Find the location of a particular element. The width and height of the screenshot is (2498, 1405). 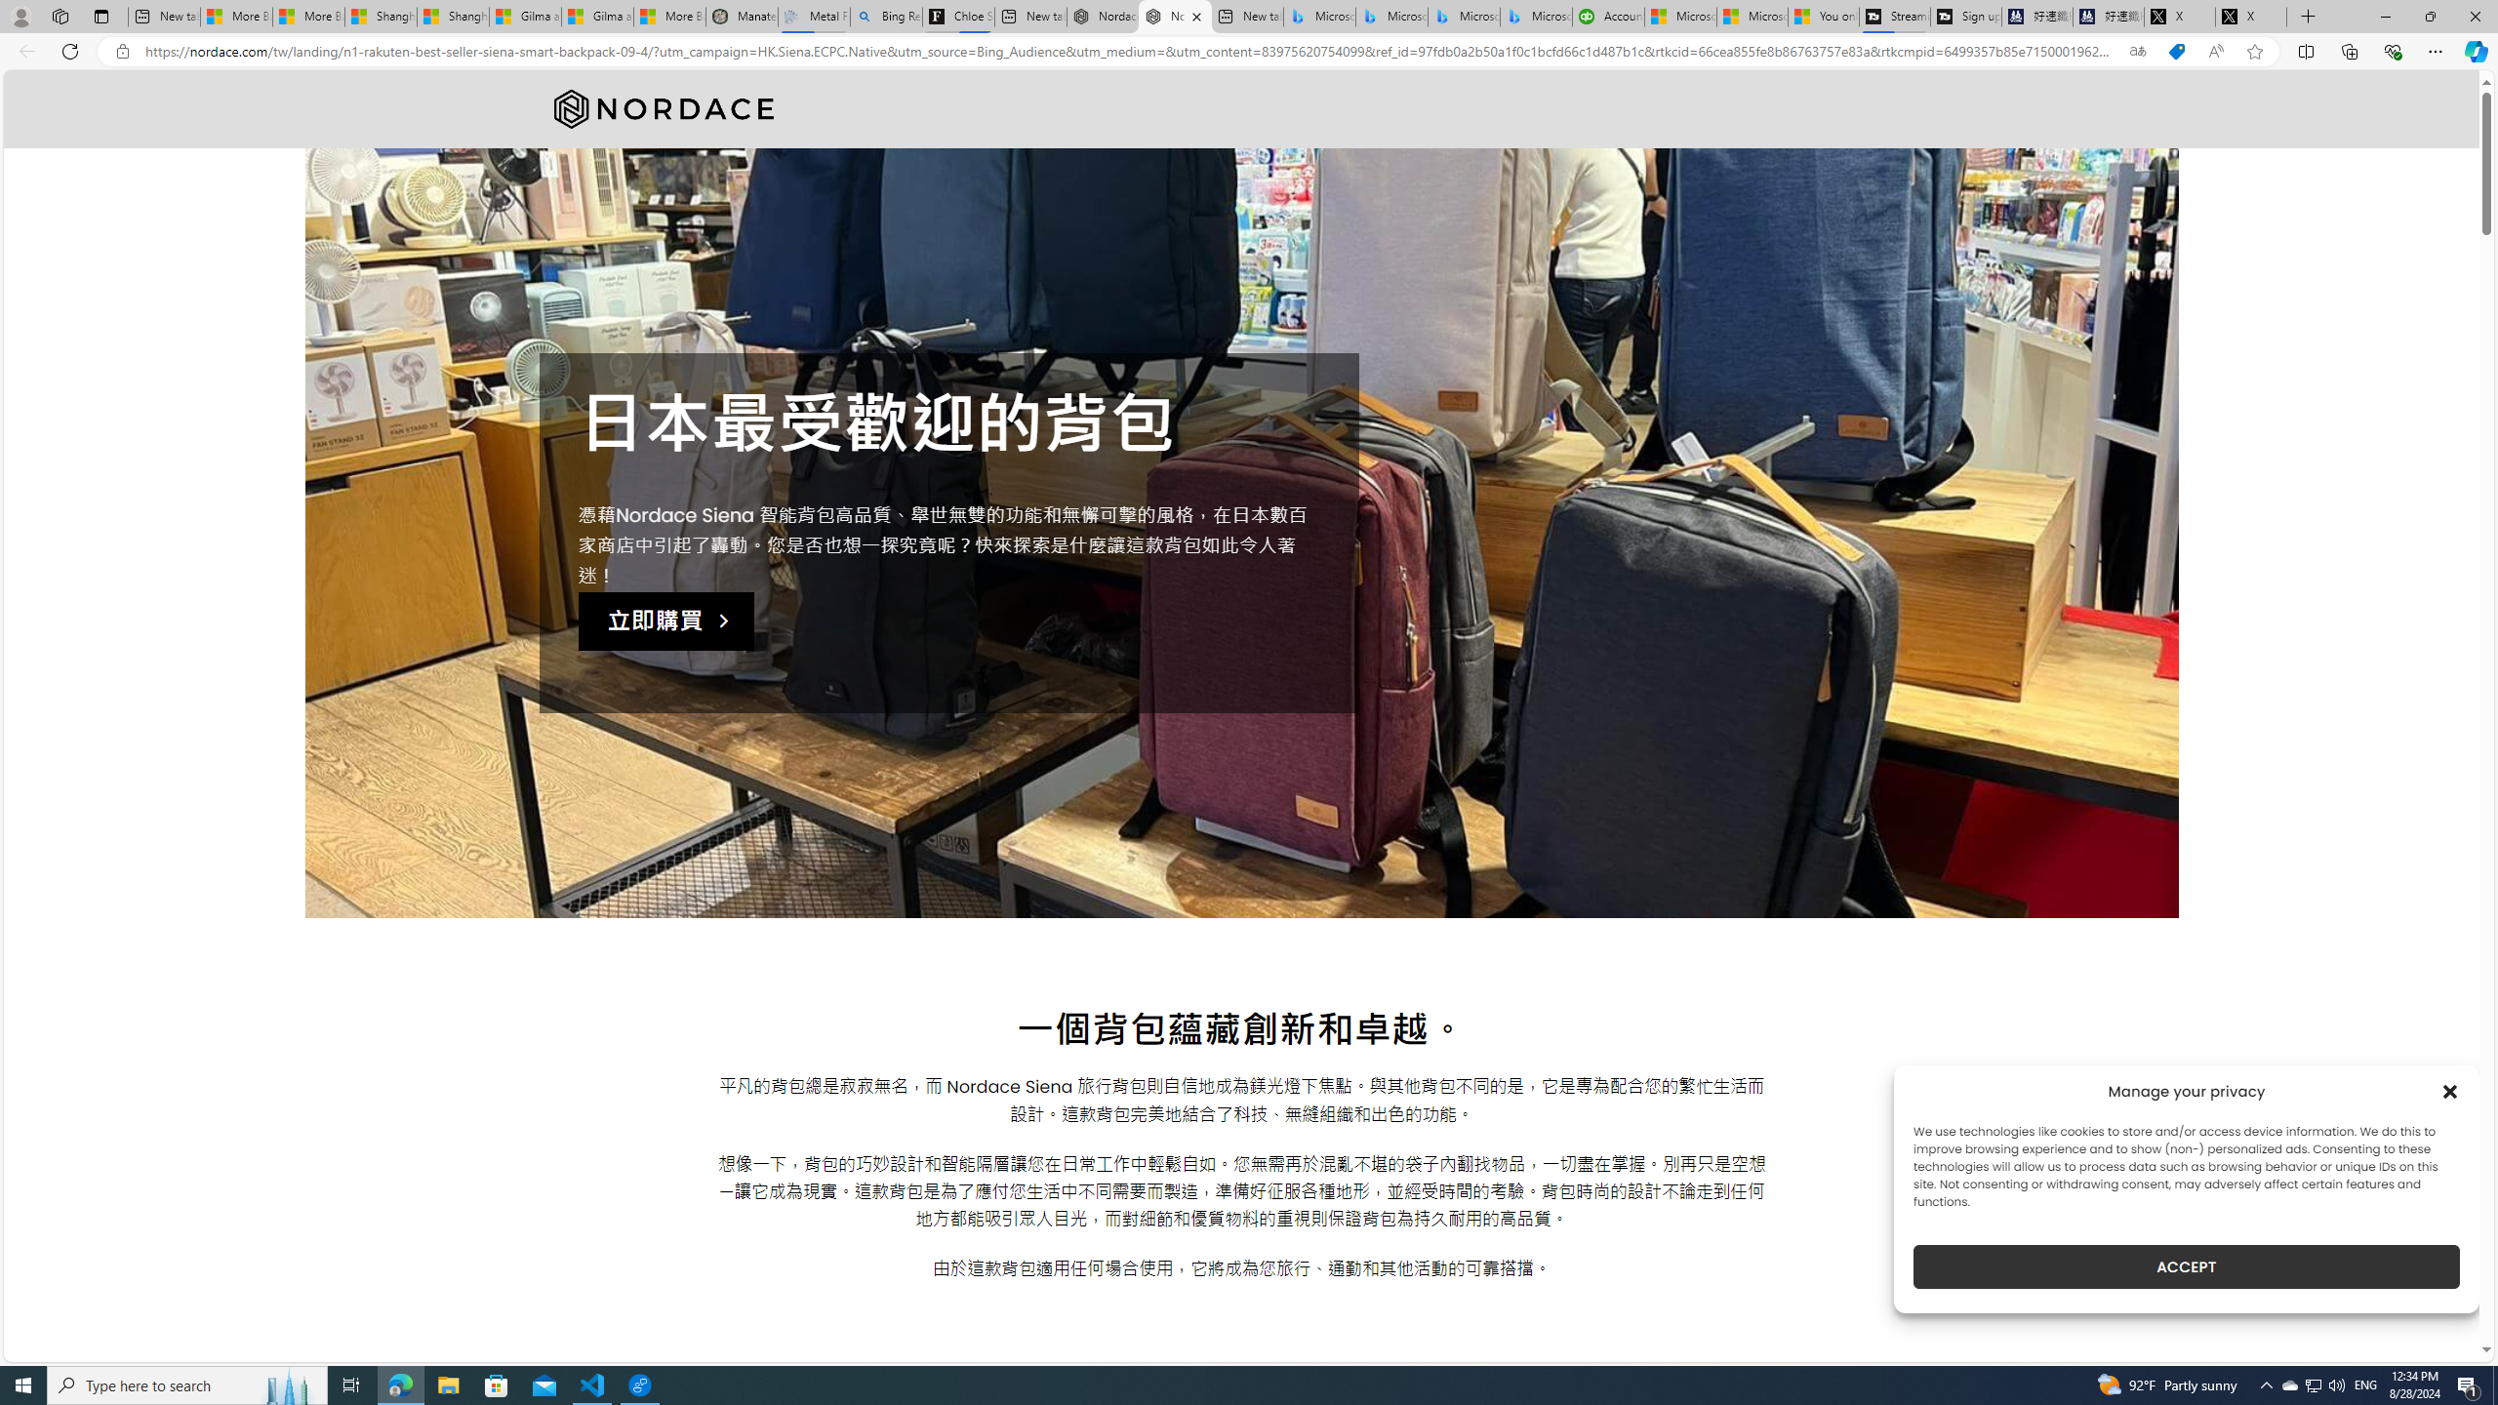

'Bing Real Estate - Home sales and rental listings' is located at coordinates (886, 16).